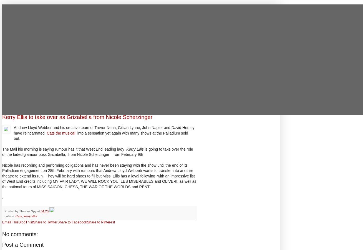  What do you see at coordinates (101, 222) in the screenshot?
I see `'Share to Pinterest'` at bounding box center [101, 222].